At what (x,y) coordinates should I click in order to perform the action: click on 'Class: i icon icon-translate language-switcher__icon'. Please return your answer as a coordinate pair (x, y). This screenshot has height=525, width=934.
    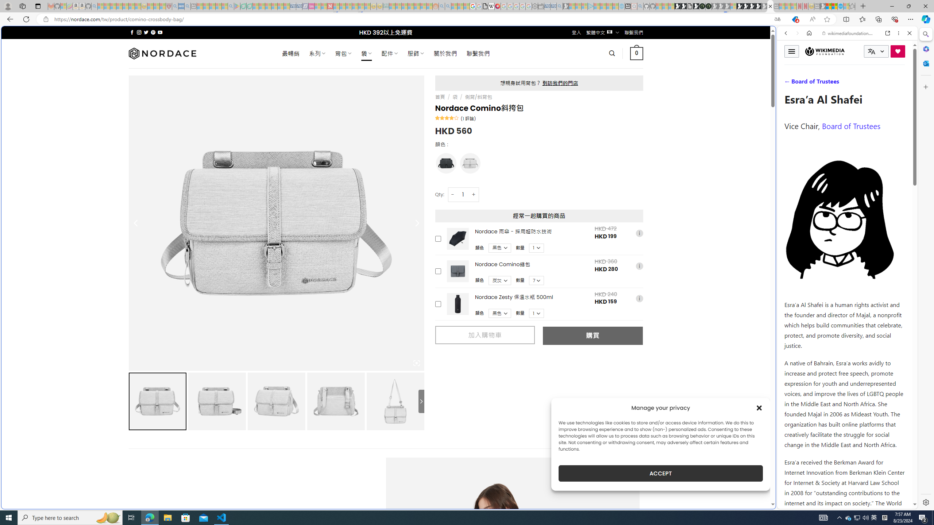
    Looking at the image, I should click on (871, 51).